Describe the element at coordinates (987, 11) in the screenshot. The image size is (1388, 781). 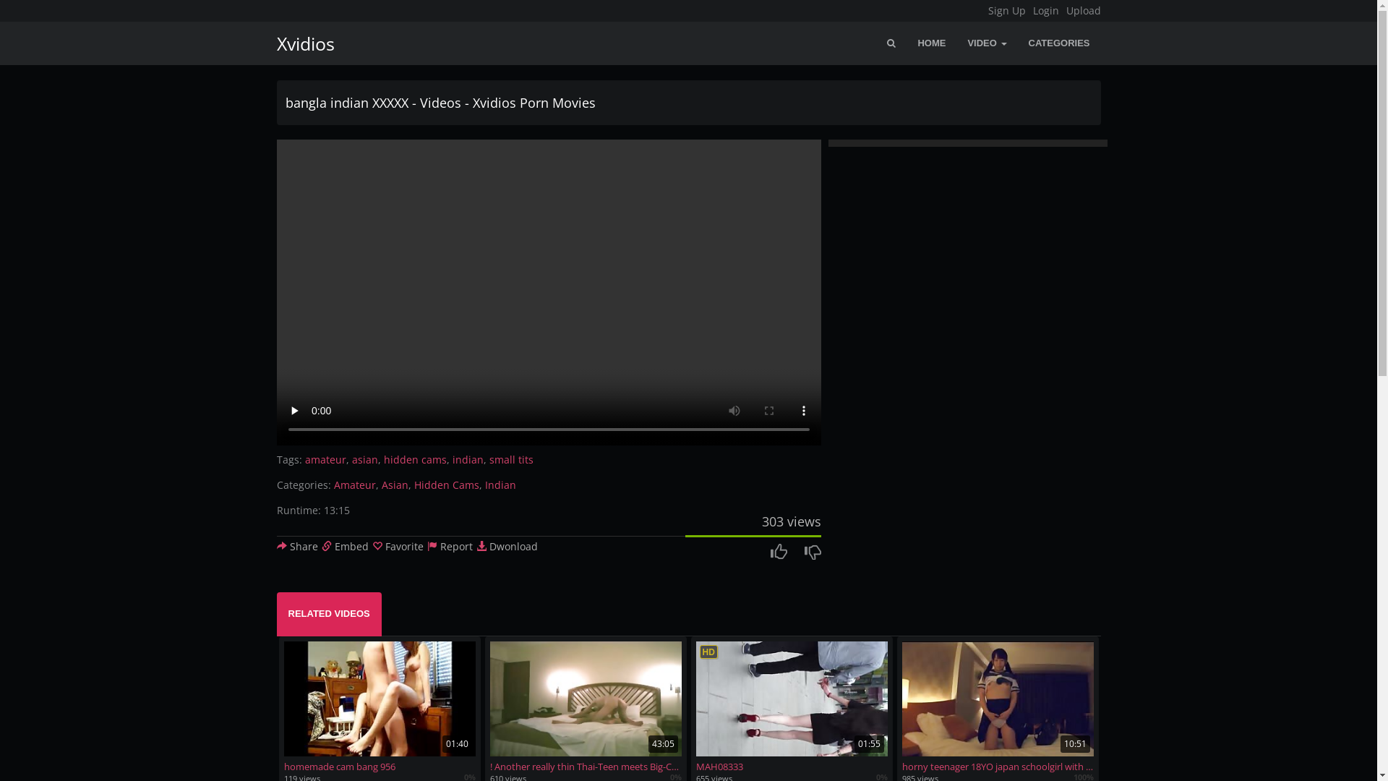
I see `'Sign Up'` at that location.